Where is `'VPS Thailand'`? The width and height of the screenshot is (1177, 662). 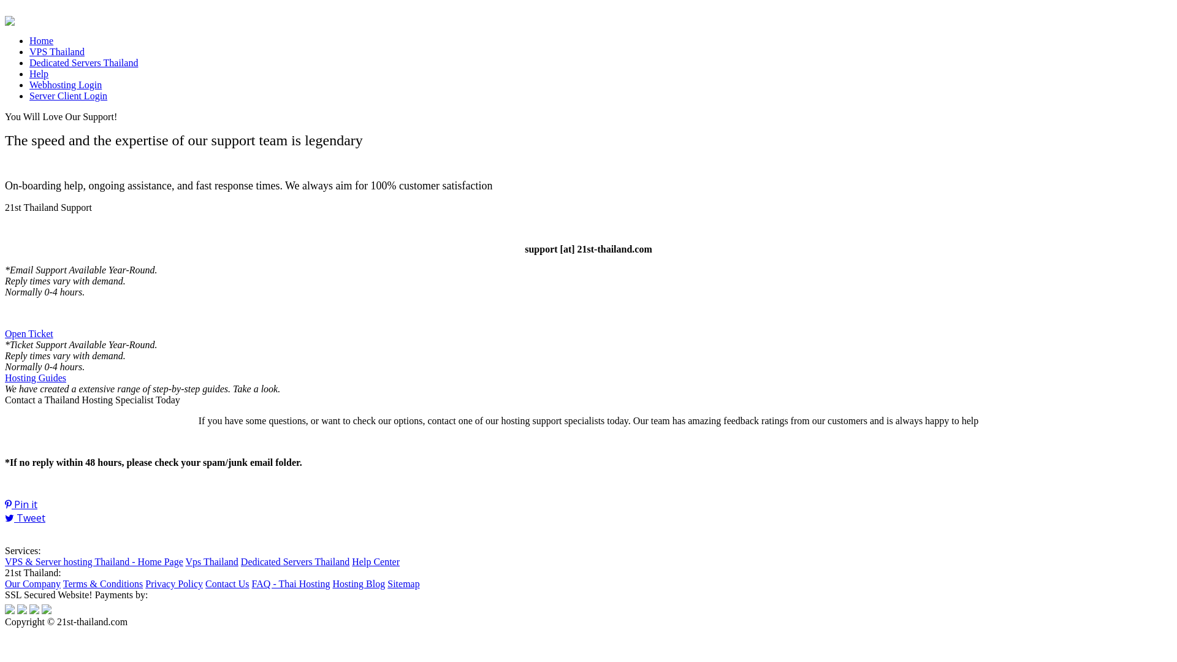
'VPS Thailand' is located at coordinates (56, 51).